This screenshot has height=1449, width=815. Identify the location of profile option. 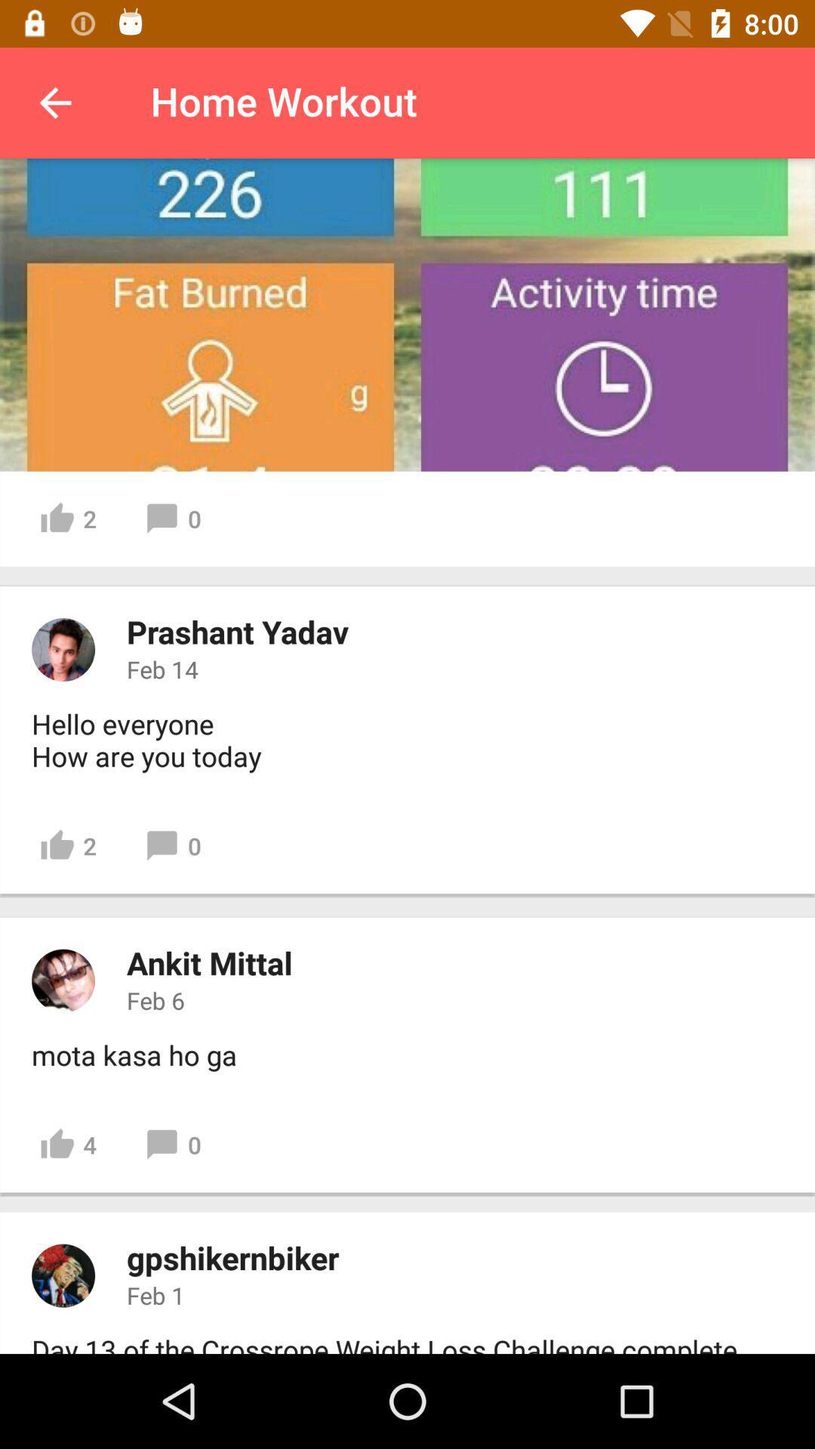
(63, 649).